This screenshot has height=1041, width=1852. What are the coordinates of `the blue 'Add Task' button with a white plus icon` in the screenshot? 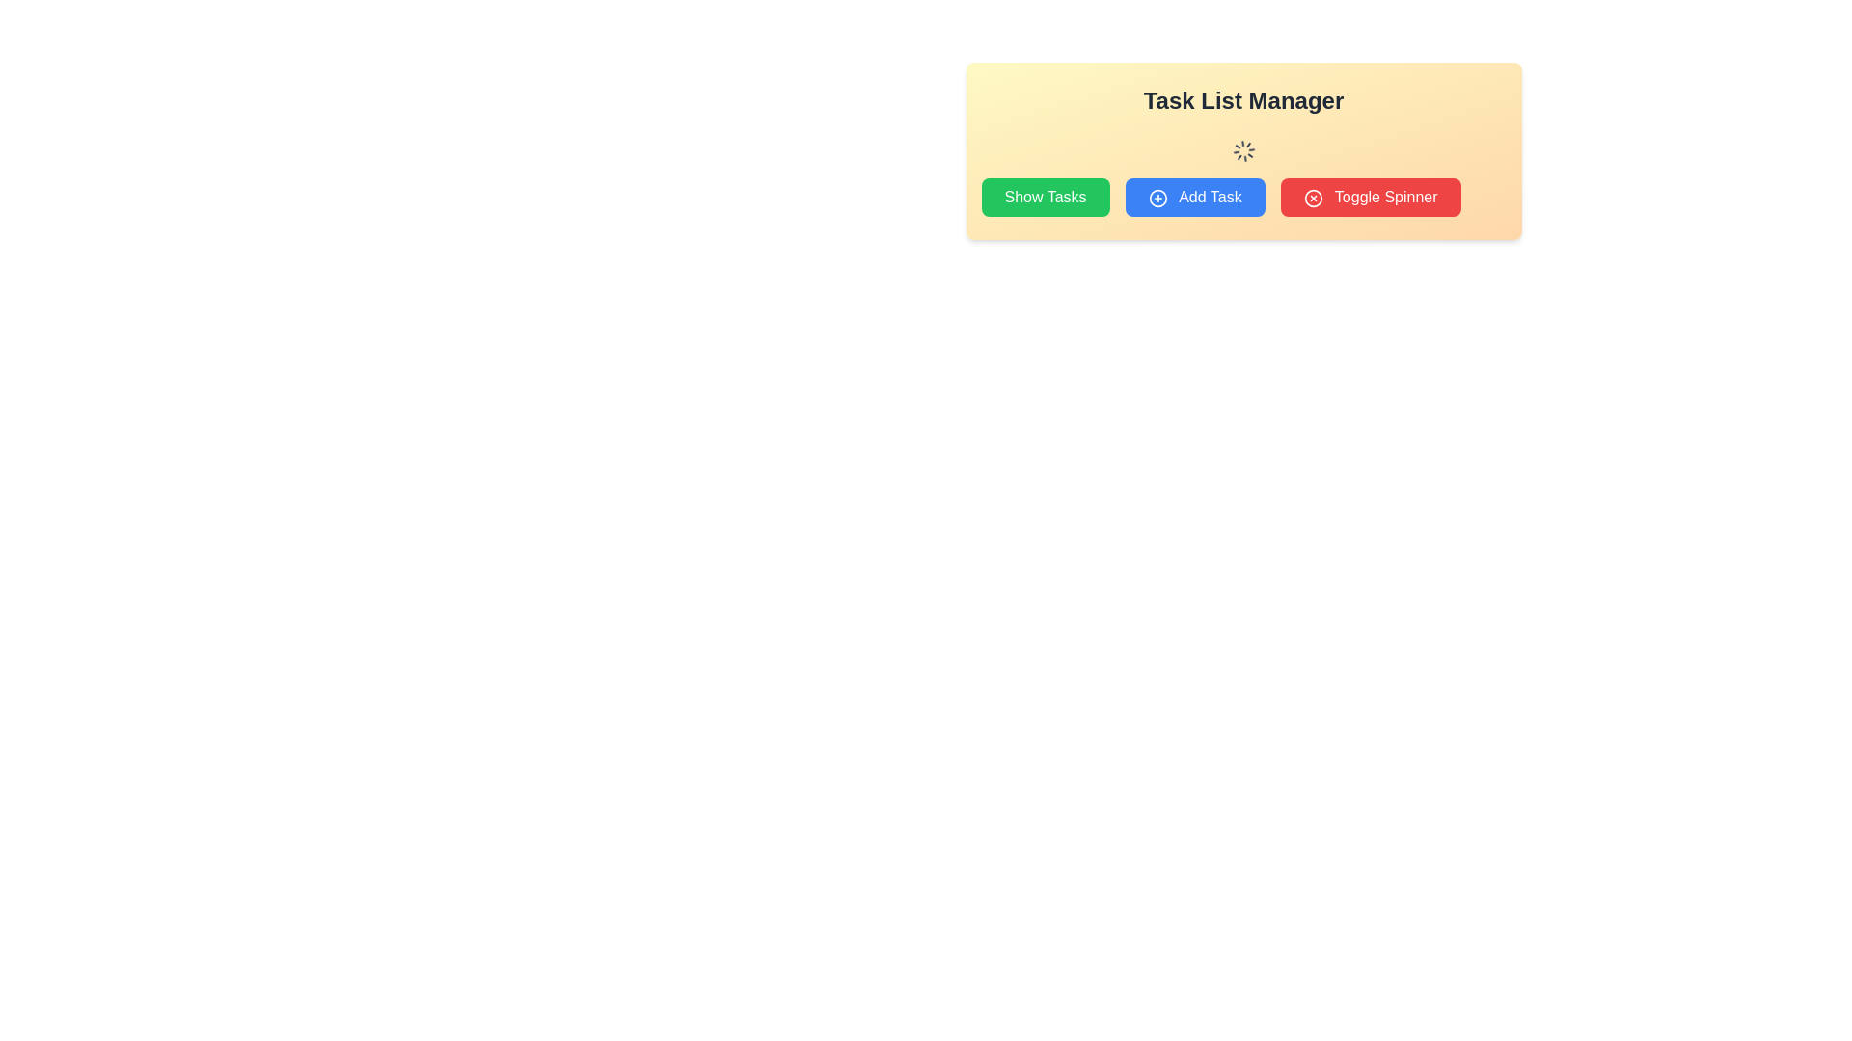 It's located at (1194, 197).